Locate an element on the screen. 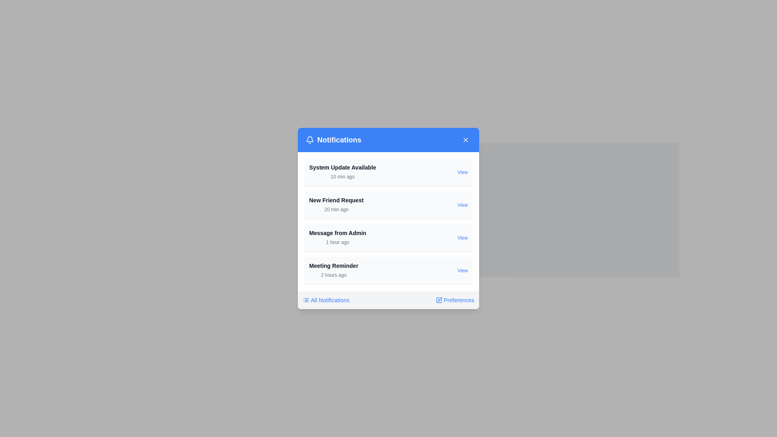 Image resolution: width=777 pixels, height=437 pixels. the 'All Notifications' icon located in the footer of the notification pop-up interface, positioned to the left of the 'All Notifications' text is located at coordinates (305, 300).